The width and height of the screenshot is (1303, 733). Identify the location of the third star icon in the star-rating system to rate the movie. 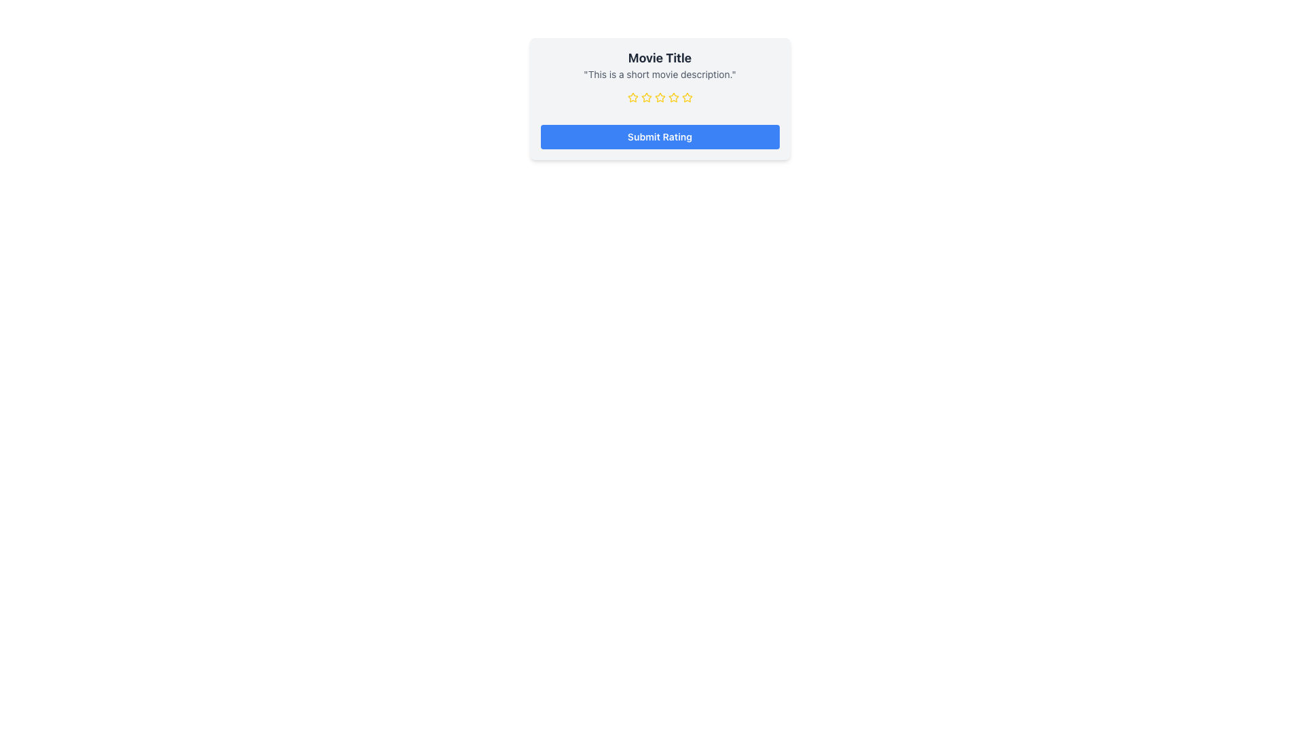
(645, 96).